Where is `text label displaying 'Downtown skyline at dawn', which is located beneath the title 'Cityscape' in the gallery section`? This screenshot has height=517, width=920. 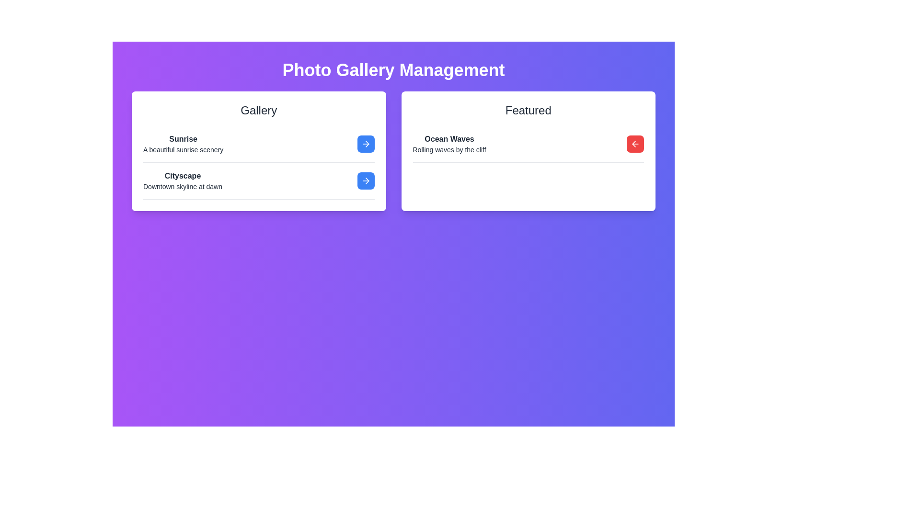 text label displaying 'Downtown skyline at dawn', which is located beneath the title 'Cityscape' in the gallery section is located at coordinates (183, 186).